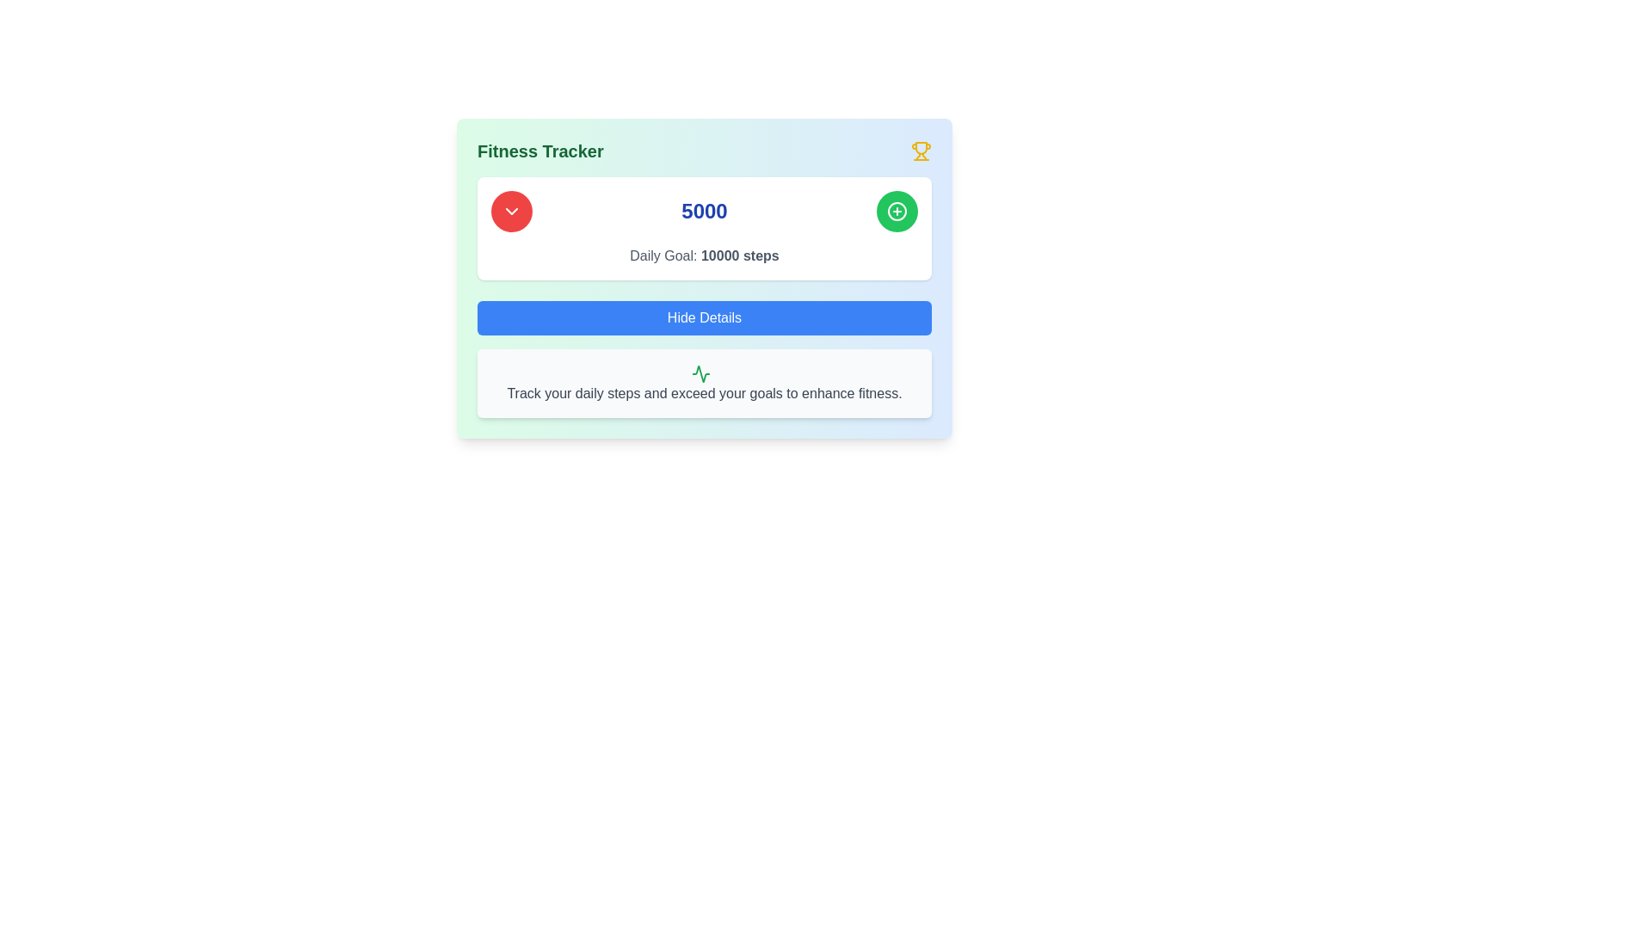 This screenshot has width=1652, height=929. Describe the element at coordinates (705, 211) in the screenshot. I see `displayed numeric value of '5000' from the bold, blue text centrally aligned within the fitness tracker widget` at that location.